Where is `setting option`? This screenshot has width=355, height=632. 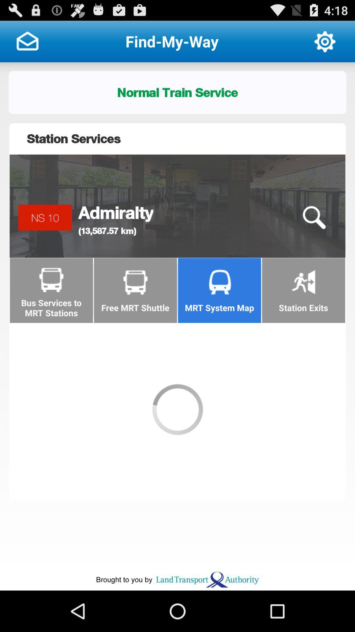 setting option is located at coordinates (324, 41).